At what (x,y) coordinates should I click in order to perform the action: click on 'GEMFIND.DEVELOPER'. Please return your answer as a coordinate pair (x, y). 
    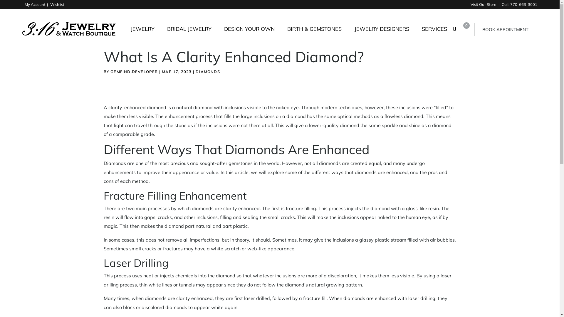
    Looking at the image, I should click on (134, 71).